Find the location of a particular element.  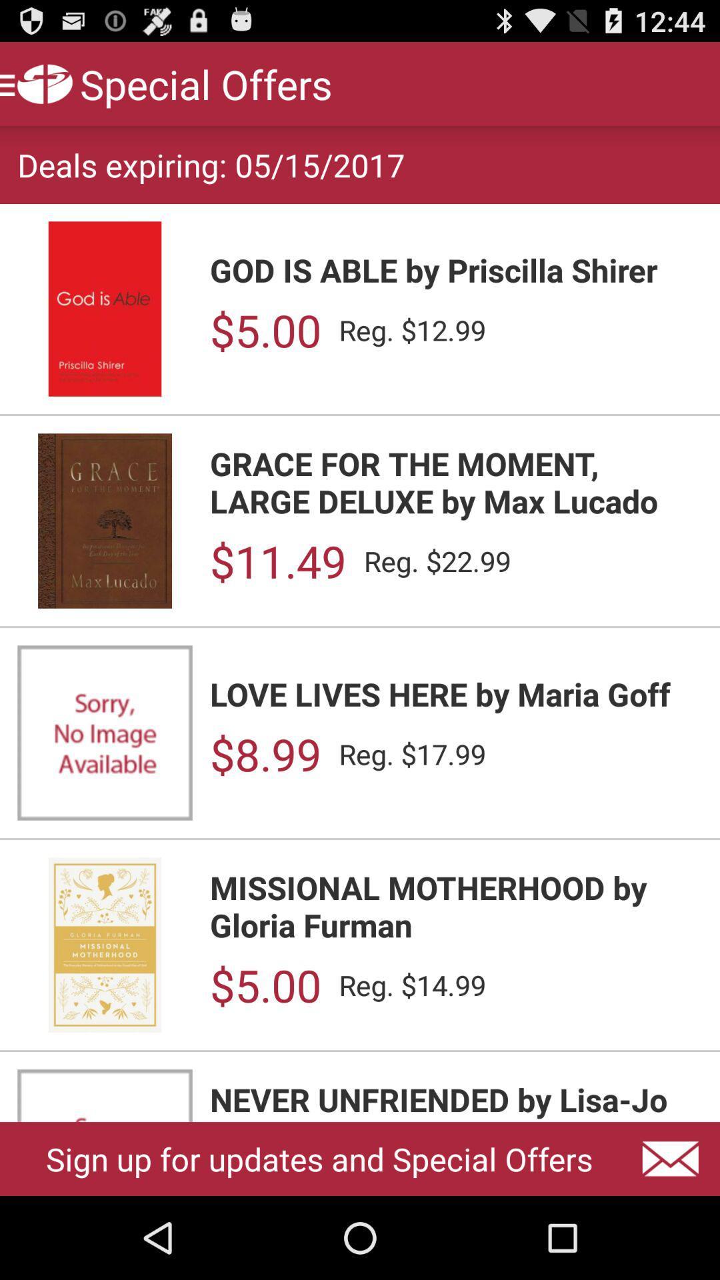

the item above the $5.00 is located at coordinates (455, 906).